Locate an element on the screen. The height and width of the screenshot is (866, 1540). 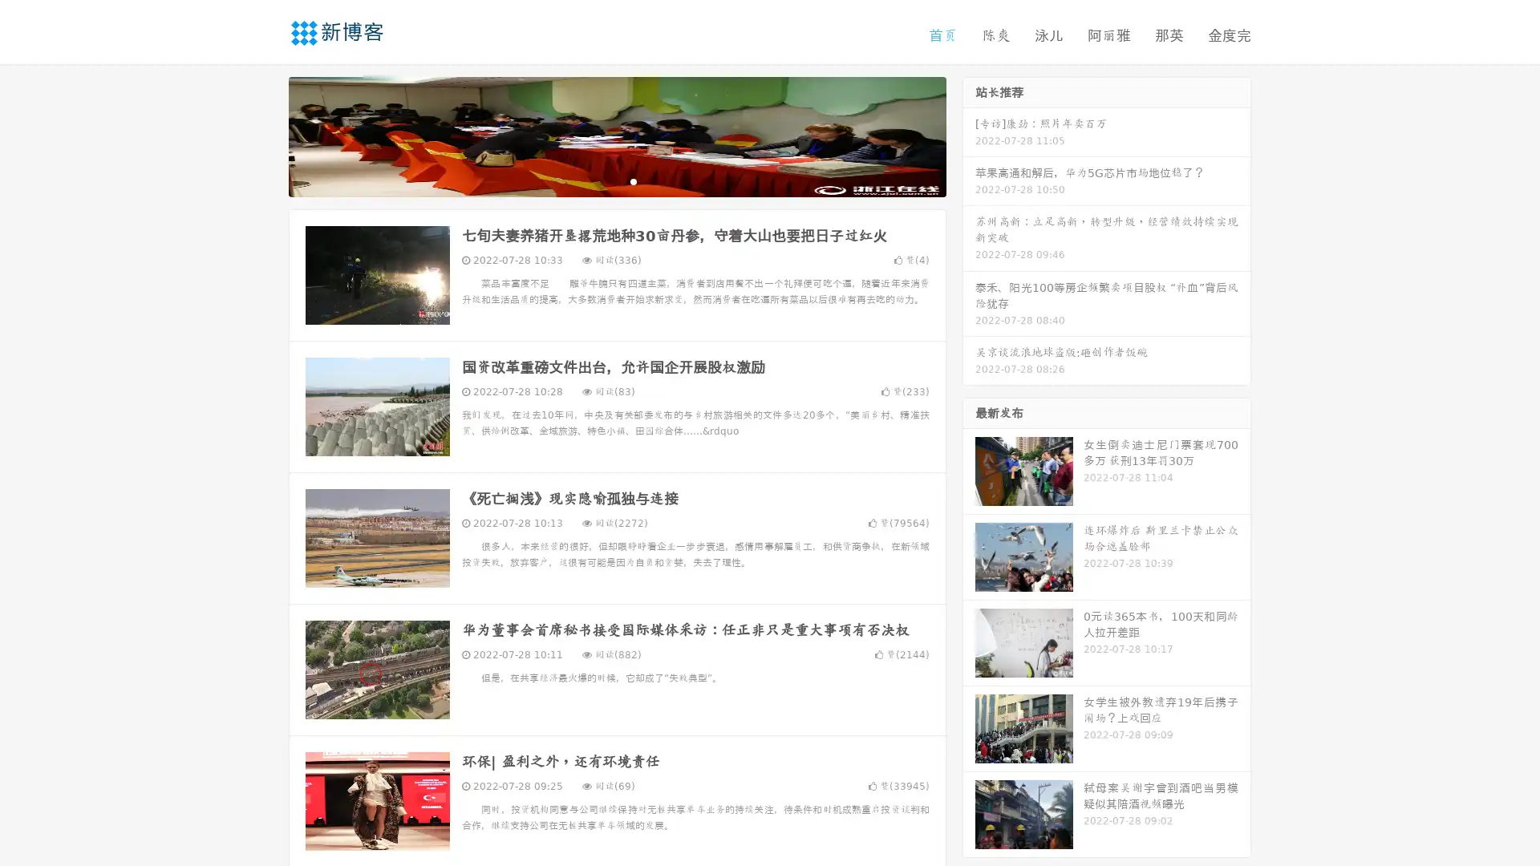
Next slide is located at coordinates (969, 135).